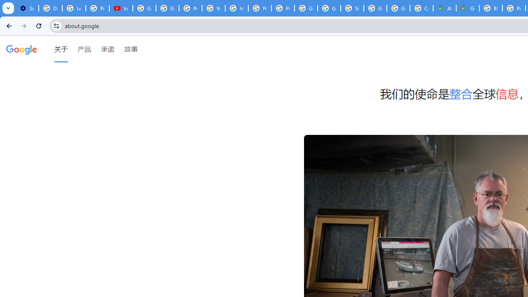 This screenshot has width=528, height=297. I want to click on 'Sign in - Google Accounts', so click(352, 8).